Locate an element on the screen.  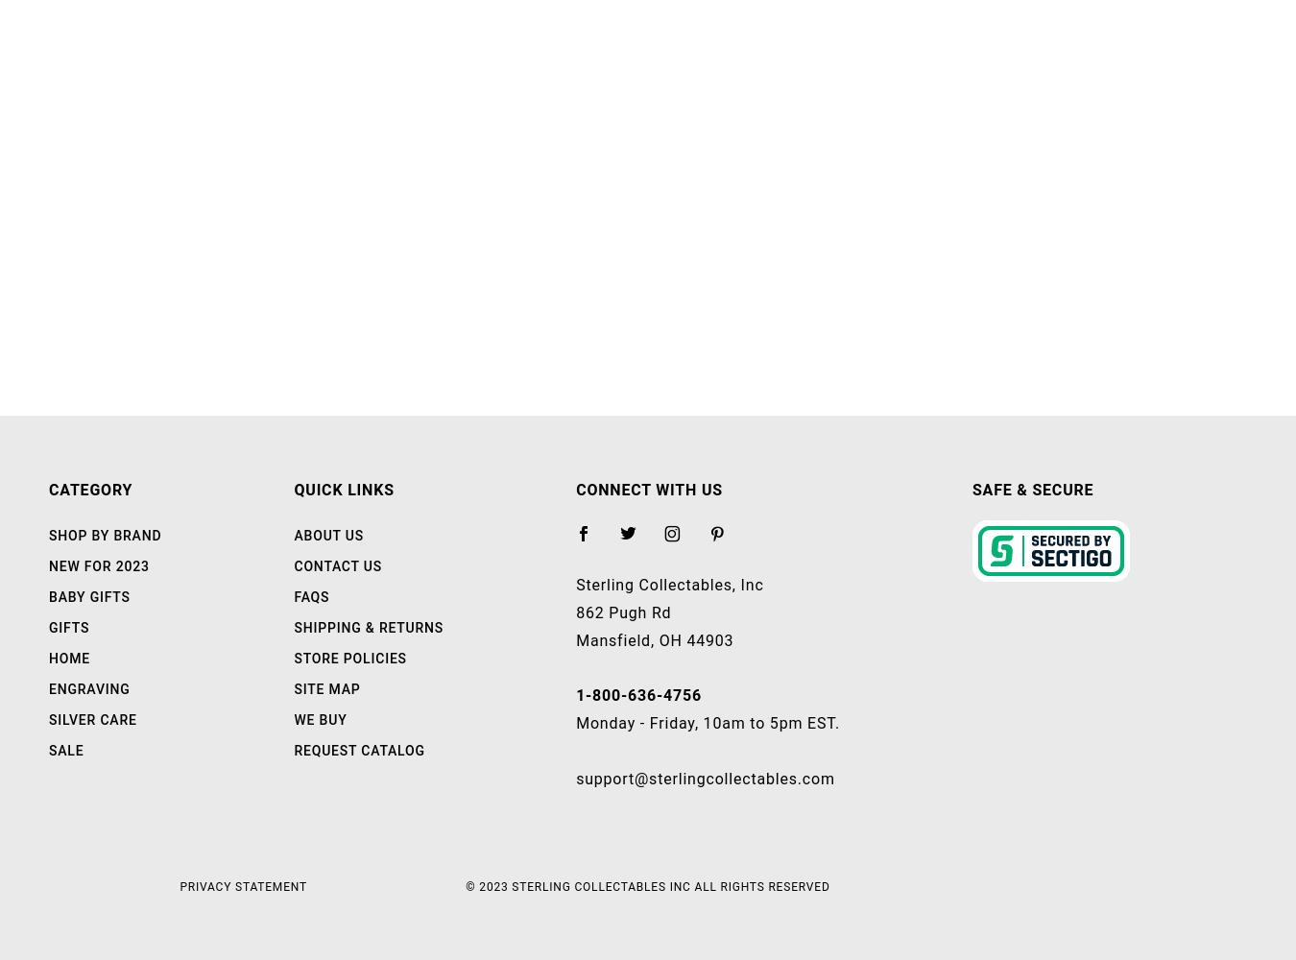
'862 Pugh Rd' is located at coordinates (623, 612).